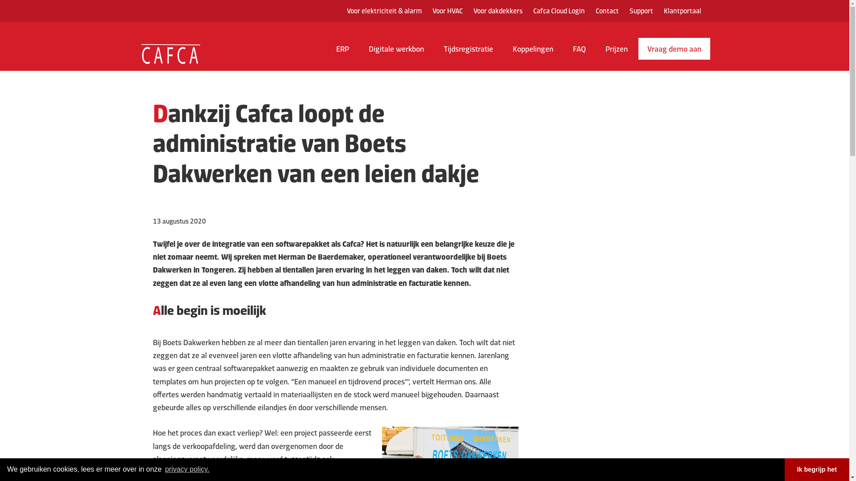  Describe the element at coordinates (498, 11) in the screenshot. I see `'Voor dakdekkers'` at that location.